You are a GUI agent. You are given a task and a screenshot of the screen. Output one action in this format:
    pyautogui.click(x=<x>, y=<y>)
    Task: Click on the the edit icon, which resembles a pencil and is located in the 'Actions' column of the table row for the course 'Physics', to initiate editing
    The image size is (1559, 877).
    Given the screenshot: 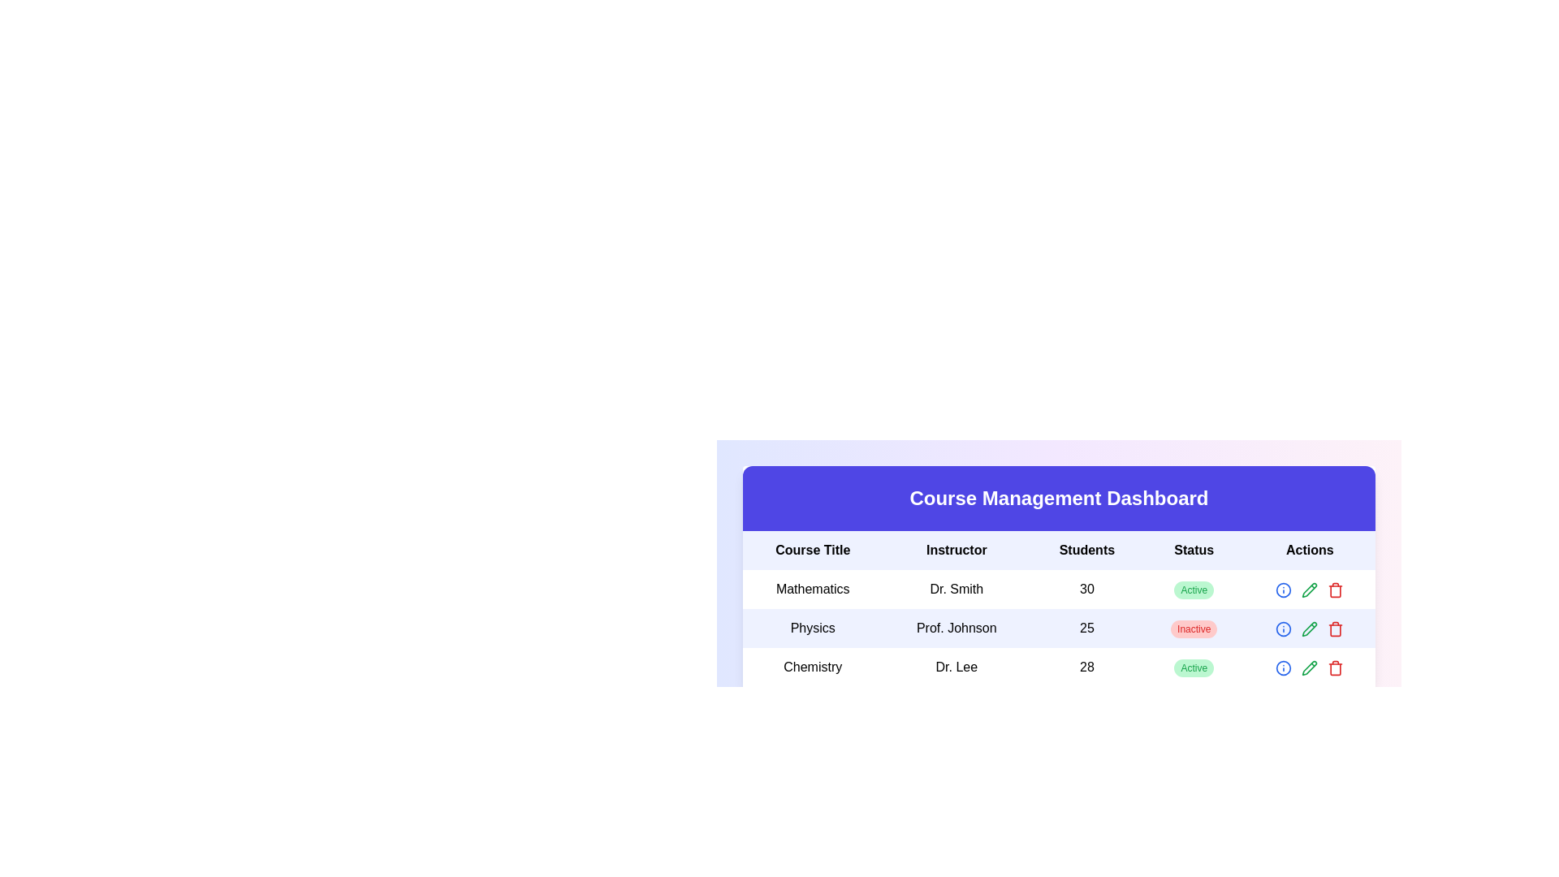 What is the action you would take?
    pyautogui.click(x=1310, y=628)
    